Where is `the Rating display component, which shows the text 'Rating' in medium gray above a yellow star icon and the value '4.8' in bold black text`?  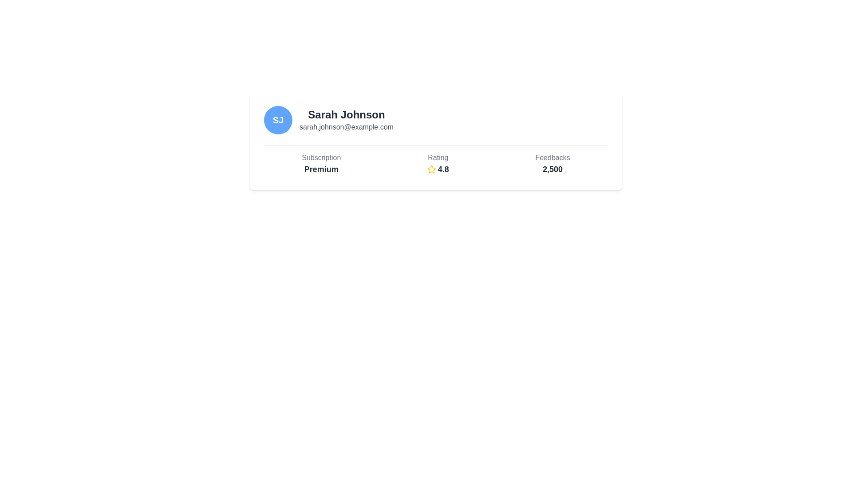 the Rating display component, which shows the text 'Rating' in medium gray above a yellow star icon and the value '4.8' in bold black text is located at coordinates (438, 164).